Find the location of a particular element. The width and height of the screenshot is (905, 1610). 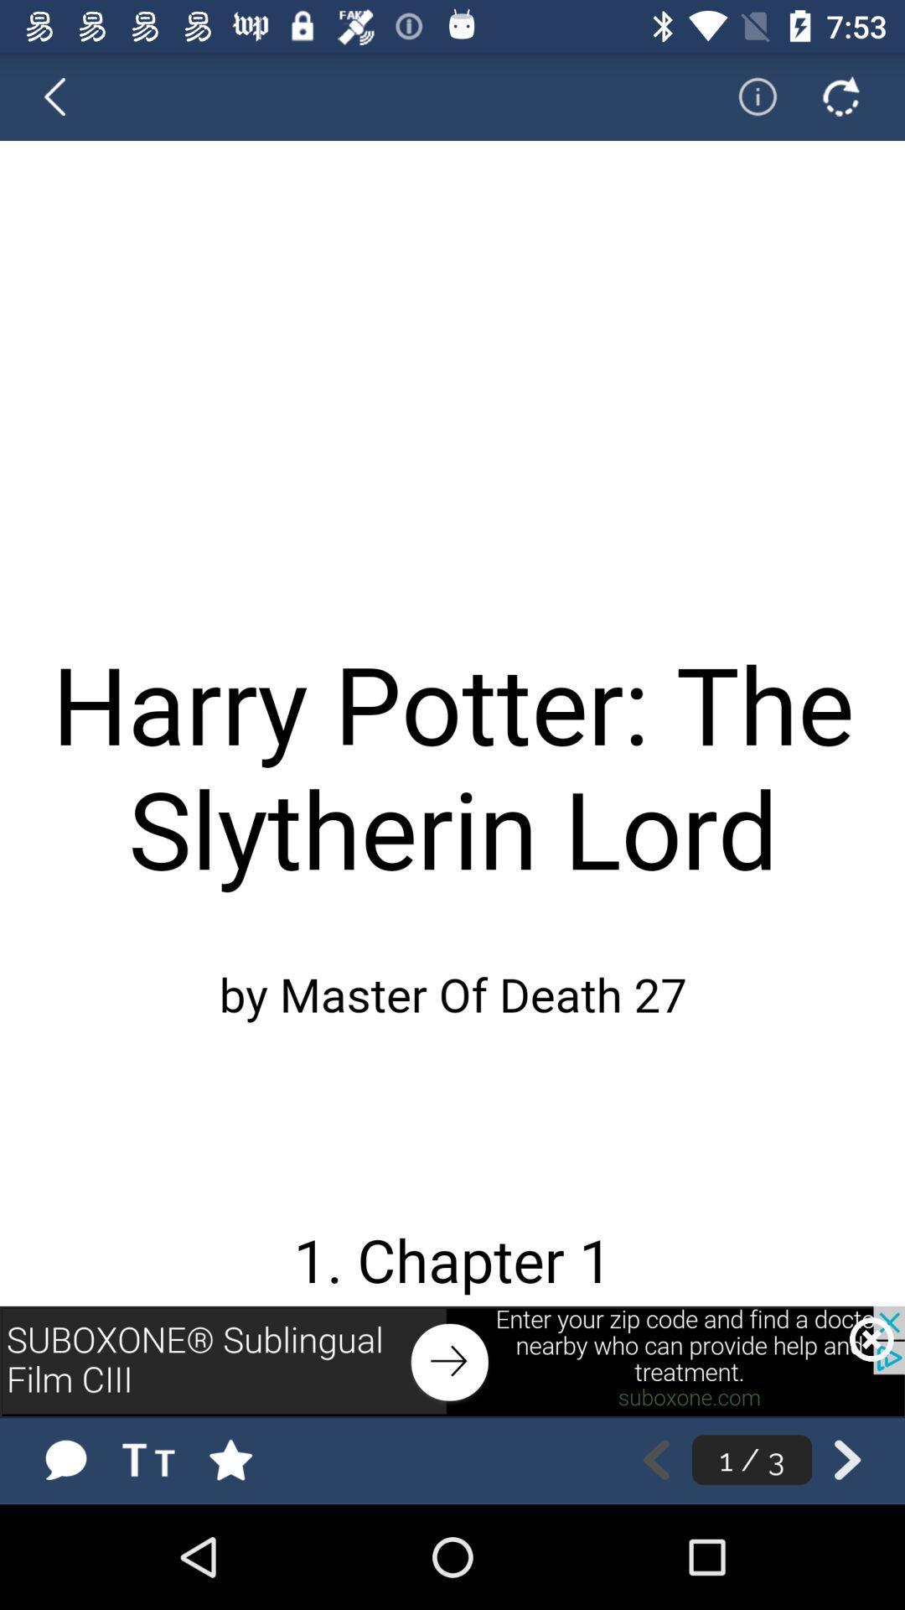

send message is located at coordinates (65, 1459).